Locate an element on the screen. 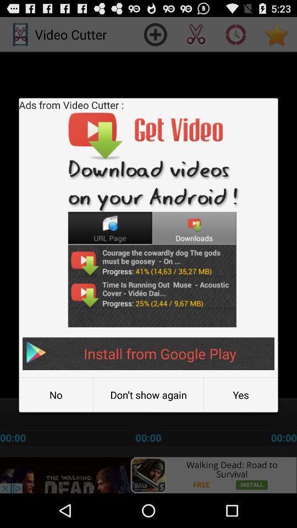  advertisement is located at coordinates (148, 475).